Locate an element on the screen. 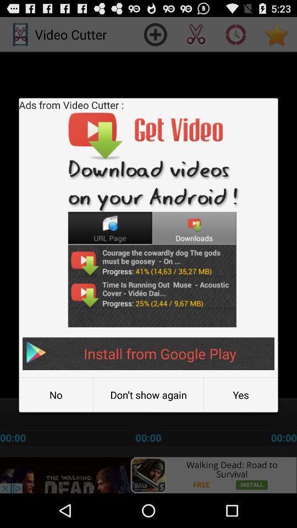  advertisement is located at coordinates (148, 475).